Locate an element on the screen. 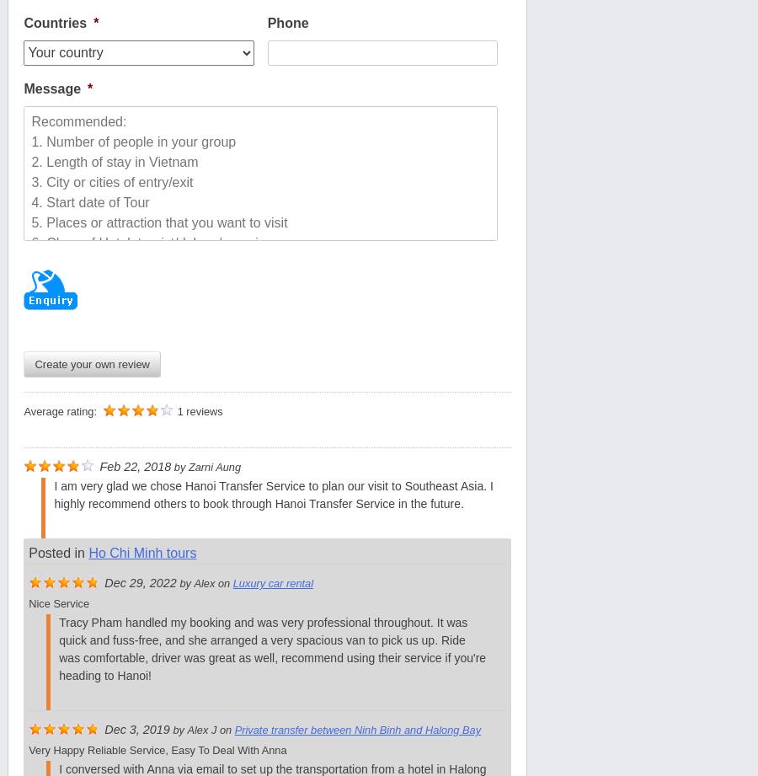 The height and width of the screenshot is (776, 758). 'Phone' is located at coordinates (287, 22).